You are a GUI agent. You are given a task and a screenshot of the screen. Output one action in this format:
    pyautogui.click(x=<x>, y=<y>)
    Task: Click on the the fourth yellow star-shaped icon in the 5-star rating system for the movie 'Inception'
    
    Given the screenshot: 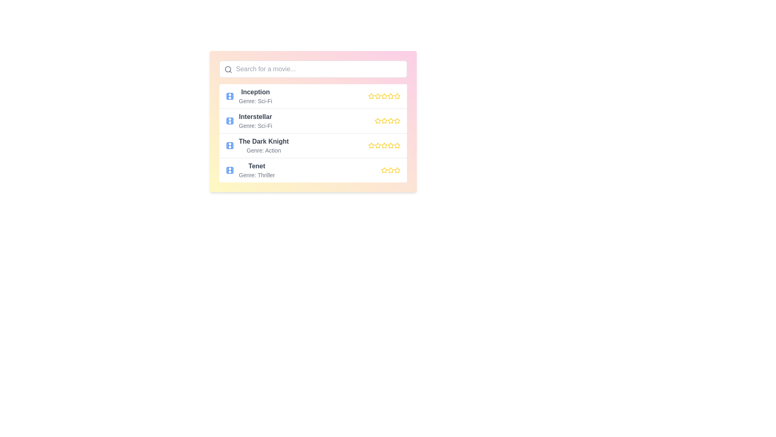 What is the action you would take?
    pyautogui.click(x=390, y=95)
    